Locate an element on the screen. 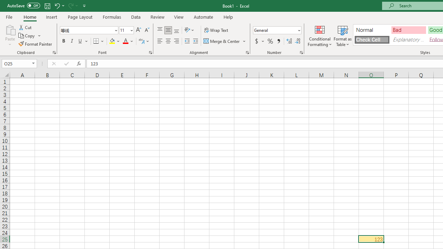  'AutoSave' is located at coordinates (24, 6).